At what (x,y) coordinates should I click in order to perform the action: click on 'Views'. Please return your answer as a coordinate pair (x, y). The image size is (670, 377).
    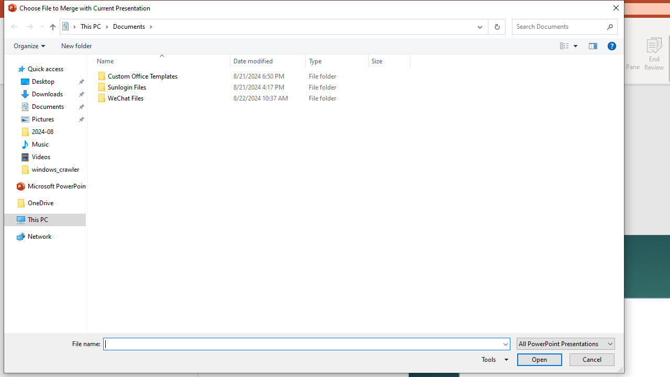
    Looking at the image, I should click on (571, 45).